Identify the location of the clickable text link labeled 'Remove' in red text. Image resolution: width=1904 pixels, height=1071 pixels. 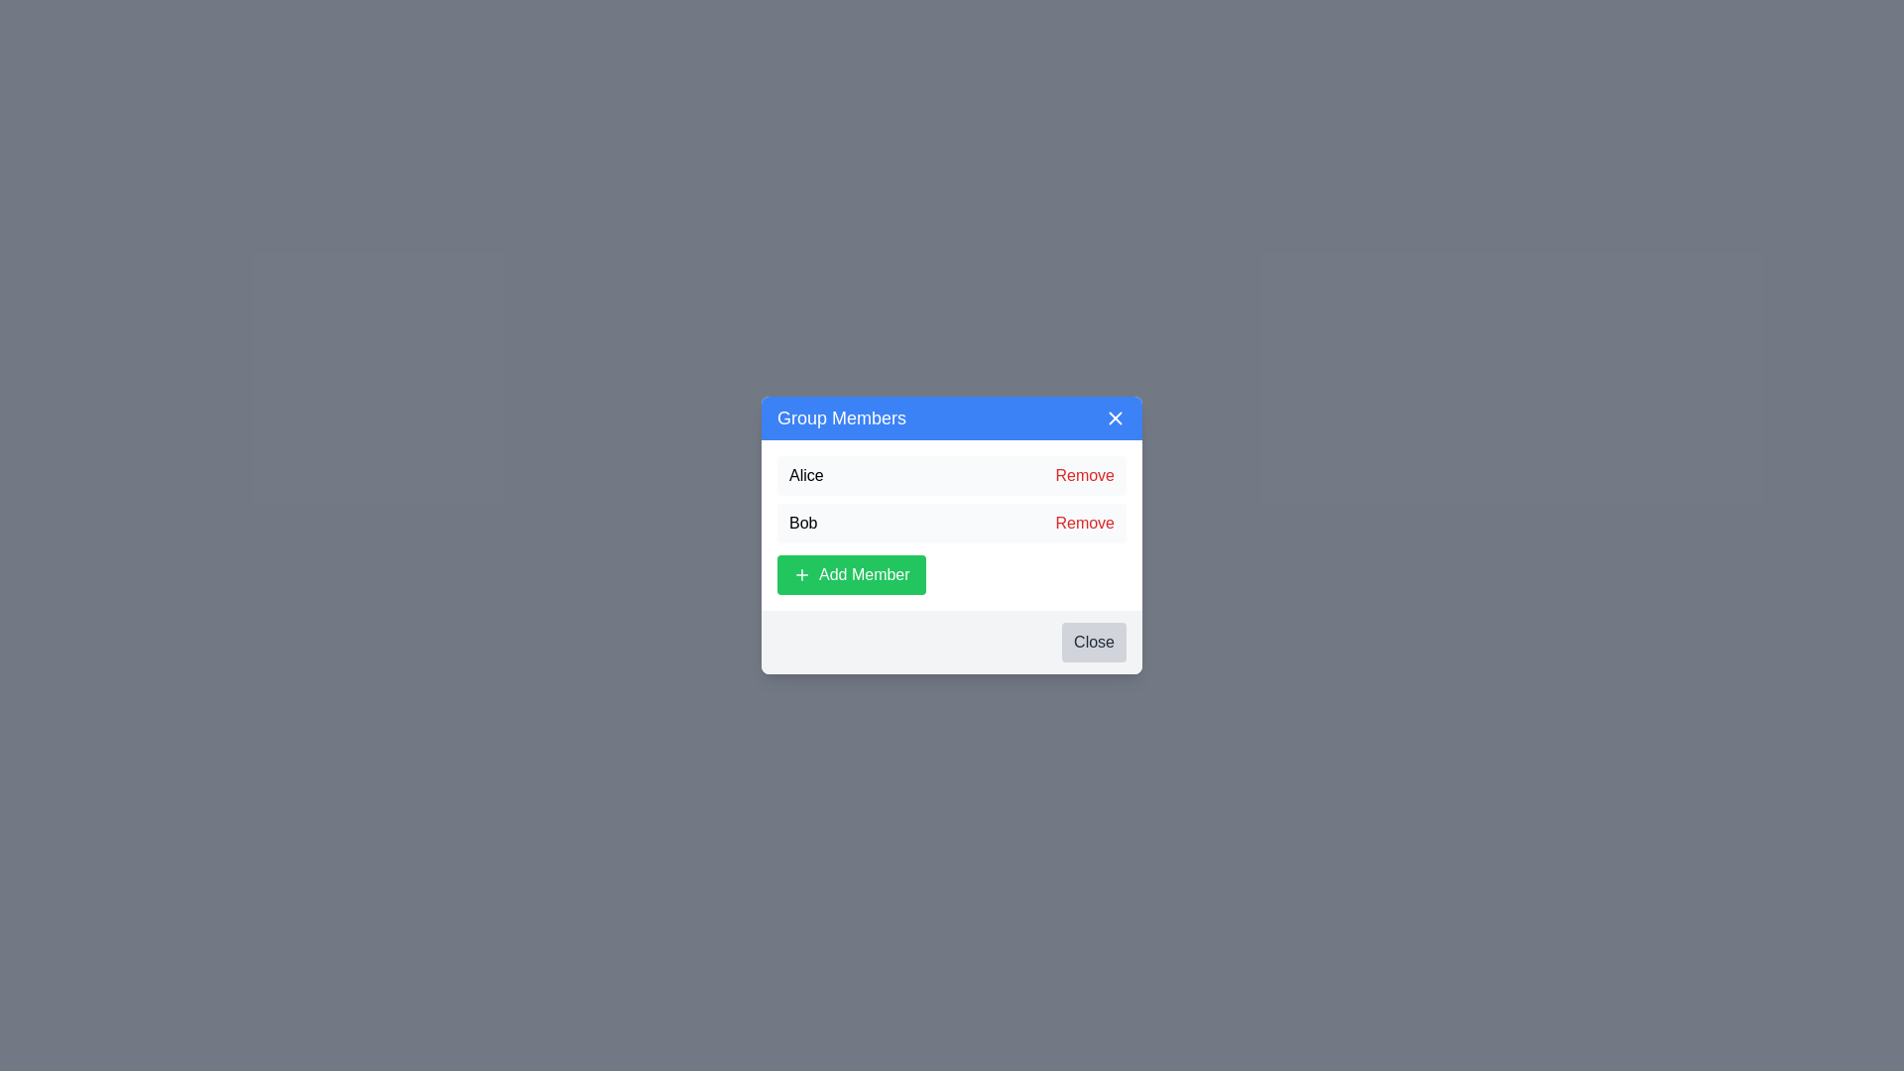
(1084, 475).